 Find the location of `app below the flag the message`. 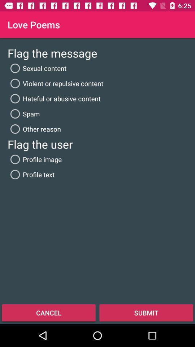

app below the flag the message is located at coordinates (37, 68).